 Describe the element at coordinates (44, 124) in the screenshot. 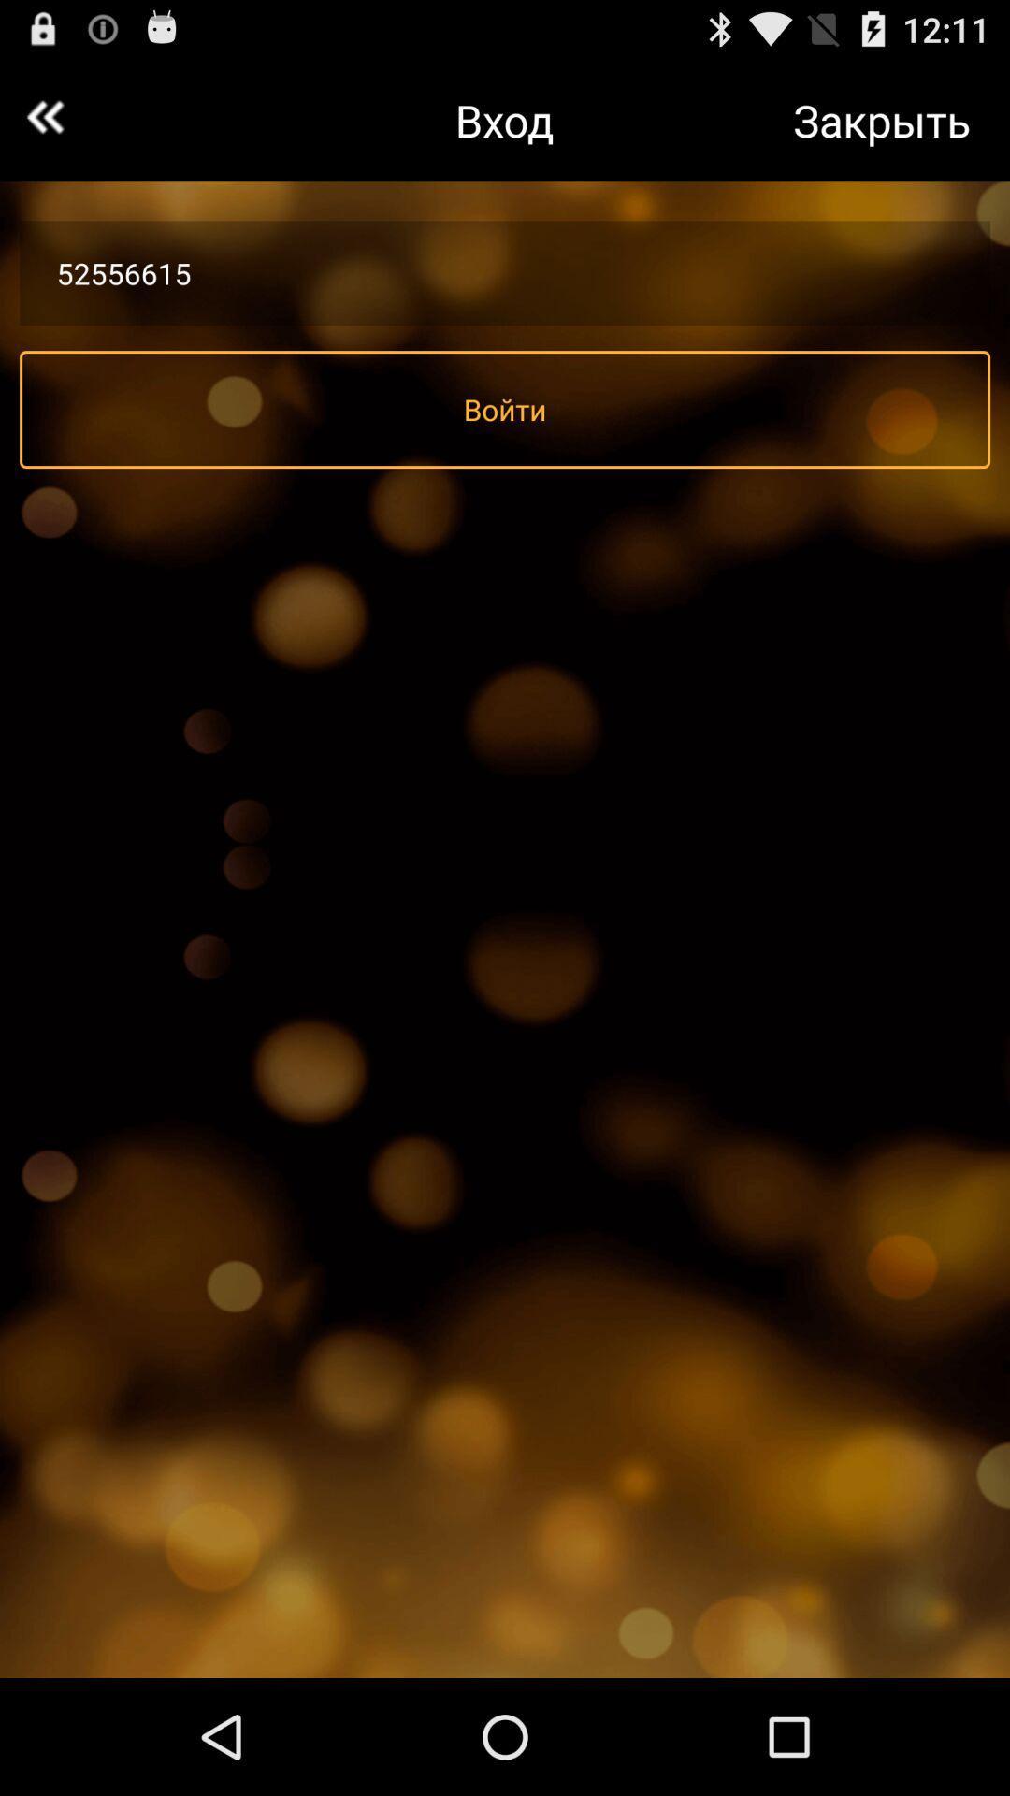

I see `the av_rewind icon` at that location.